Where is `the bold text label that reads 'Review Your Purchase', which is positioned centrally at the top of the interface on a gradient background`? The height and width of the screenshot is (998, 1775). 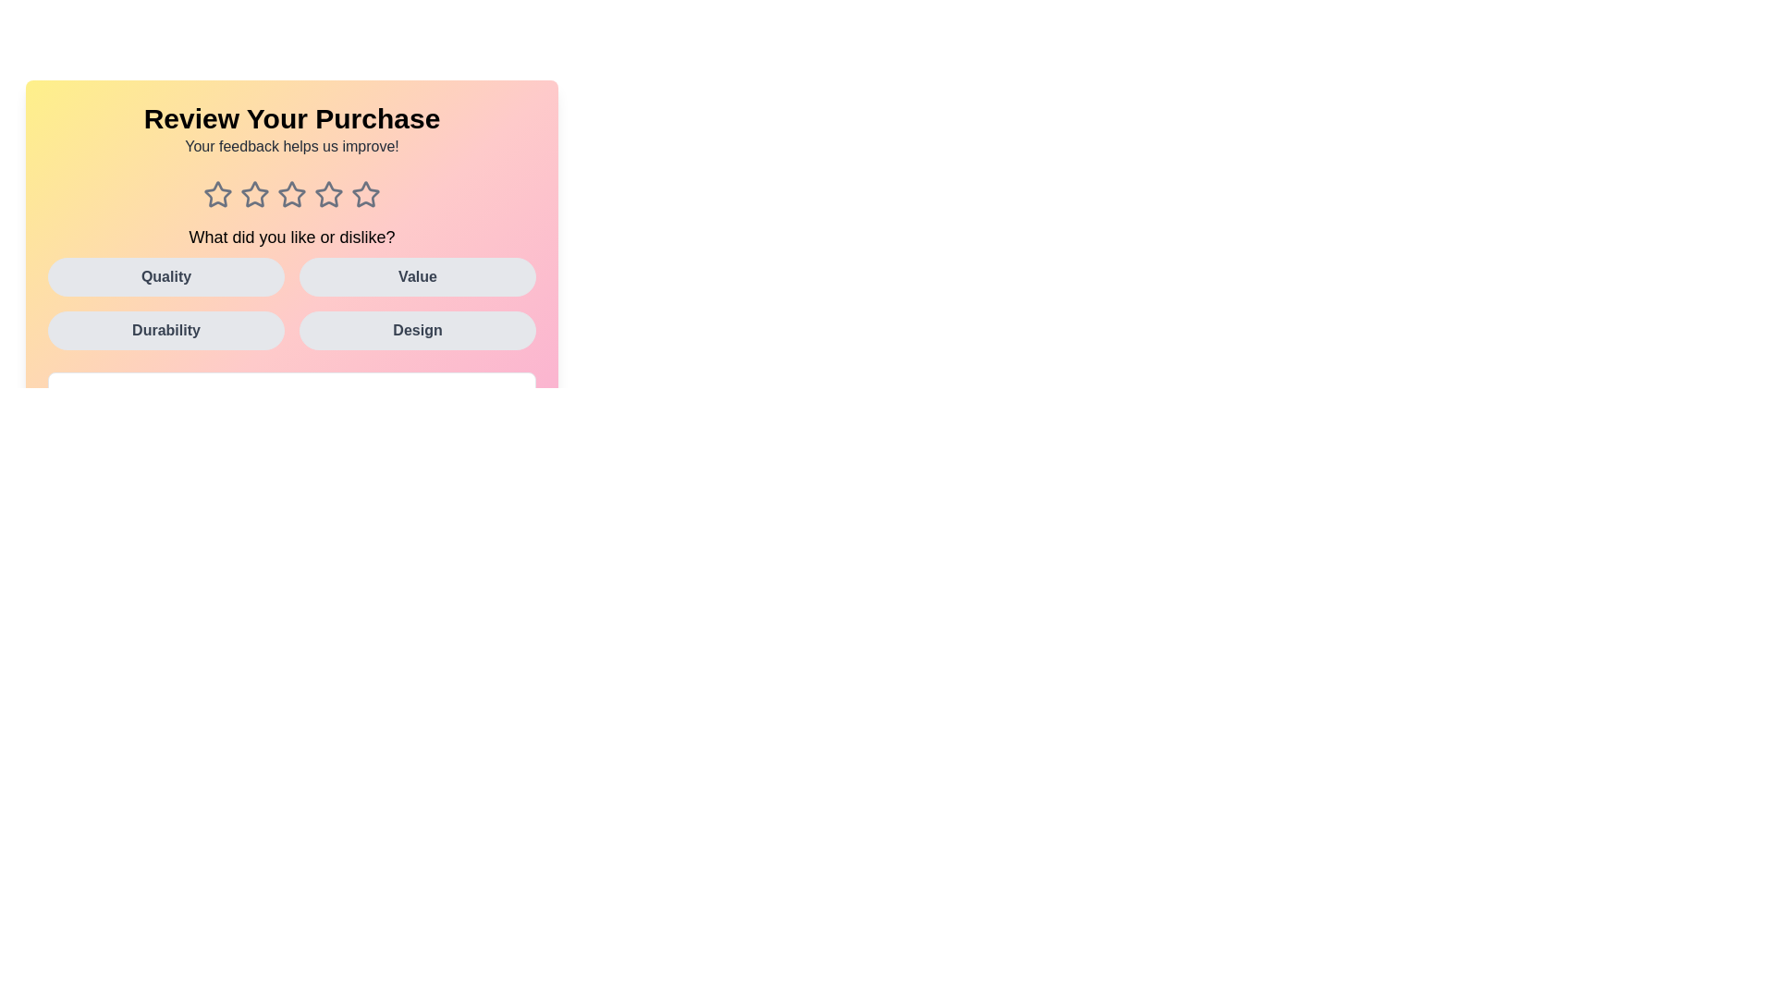
the bold text label that reads 'Review Your Purchase', which is positioned centrally at the top of the interface on a gradient background is located at coordinates (291, 118).